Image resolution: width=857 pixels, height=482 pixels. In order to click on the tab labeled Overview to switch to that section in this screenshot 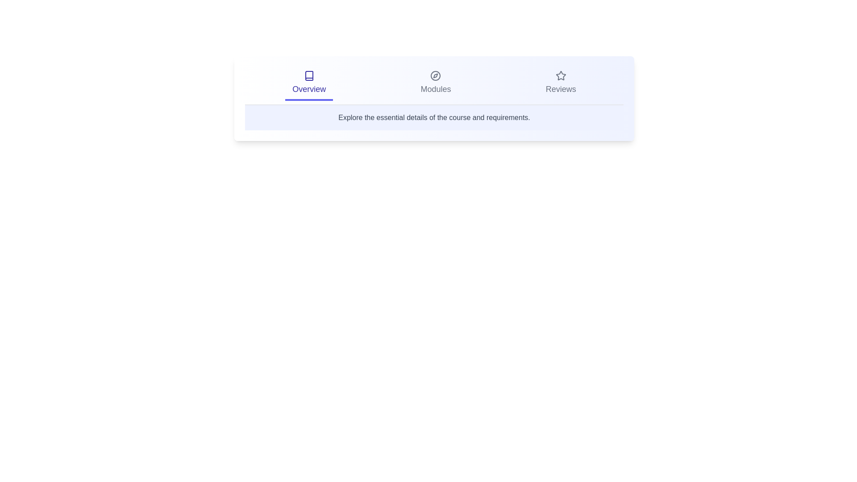, I will do `click(309, 84)`.